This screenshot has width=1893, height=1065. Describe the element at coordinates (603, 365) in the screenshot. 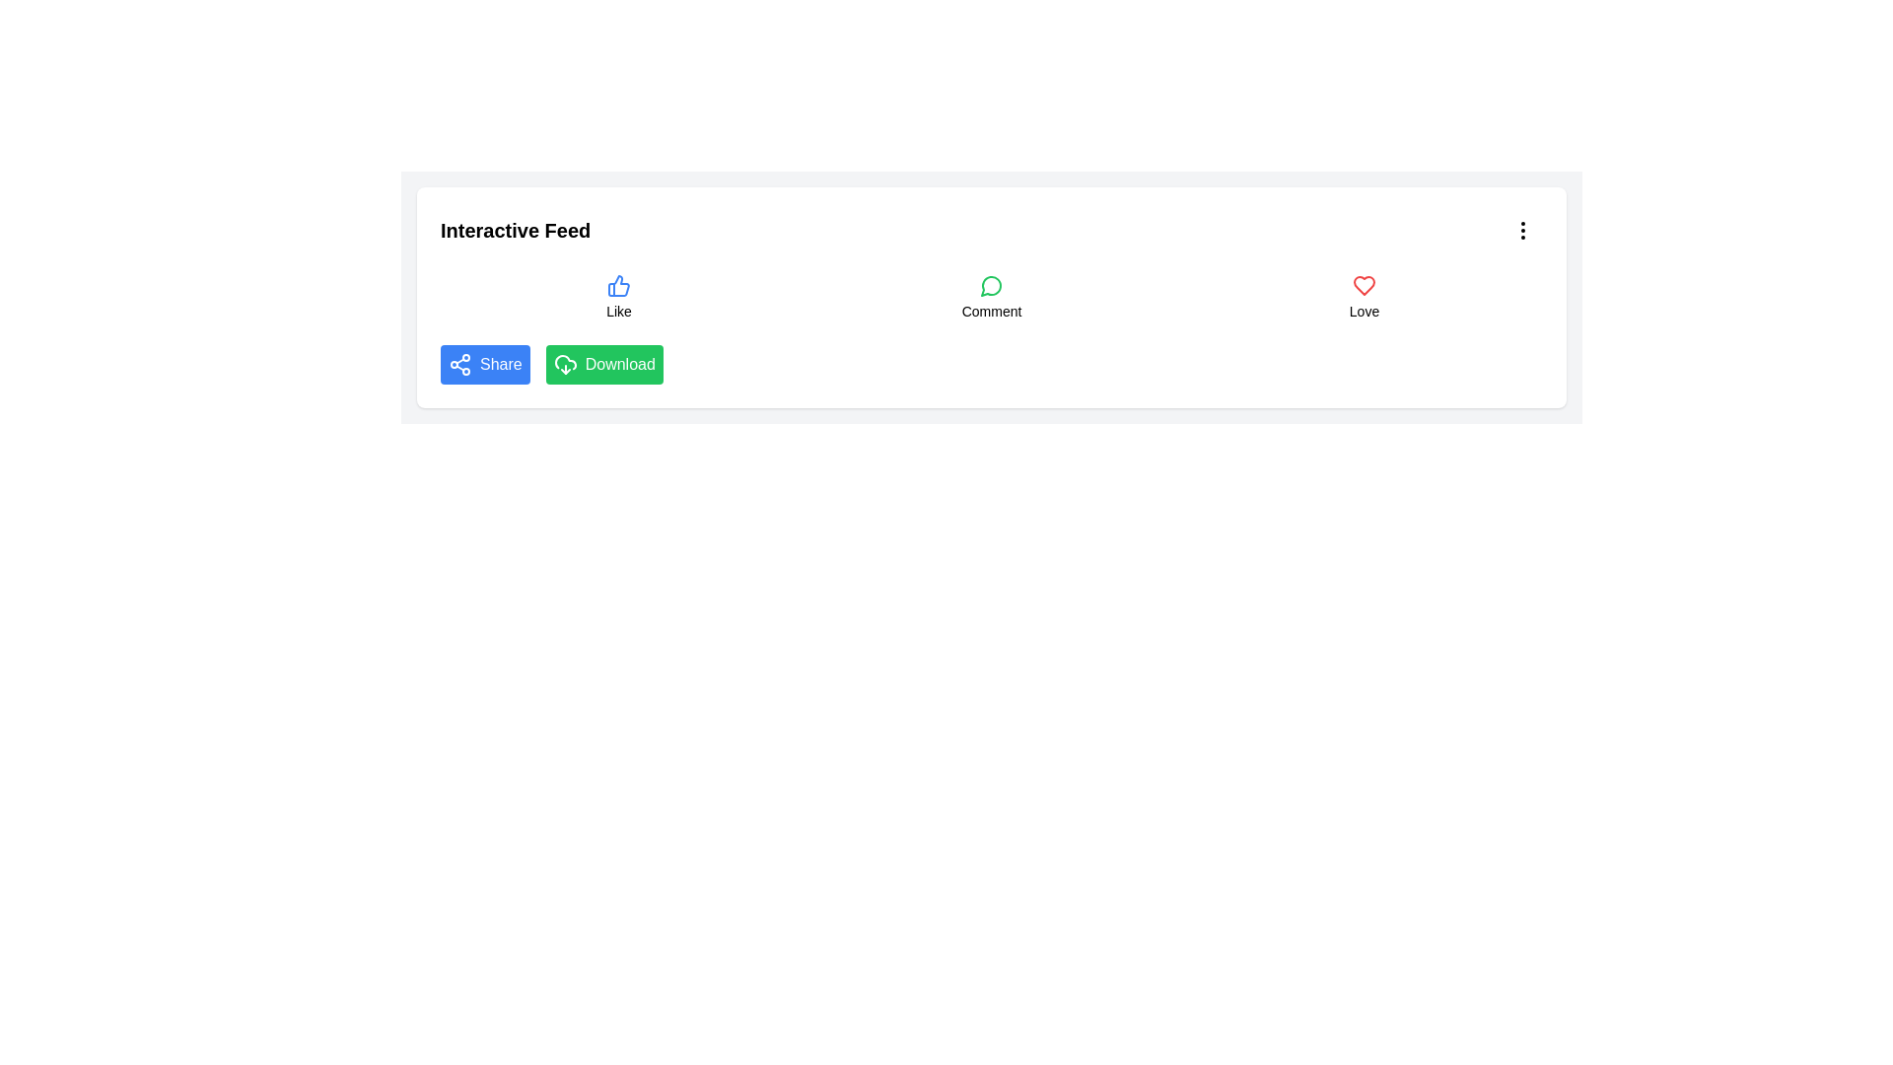

I see `the green 'Download' button with rounded corners, containing white text and a cloud icon with a downward arrow, to initiate the download` at that location.